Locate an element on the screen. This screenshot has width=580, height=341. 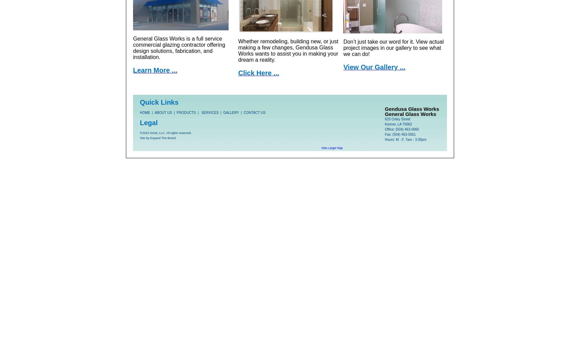
'SERVICES' is located at coordinates (209, 112).